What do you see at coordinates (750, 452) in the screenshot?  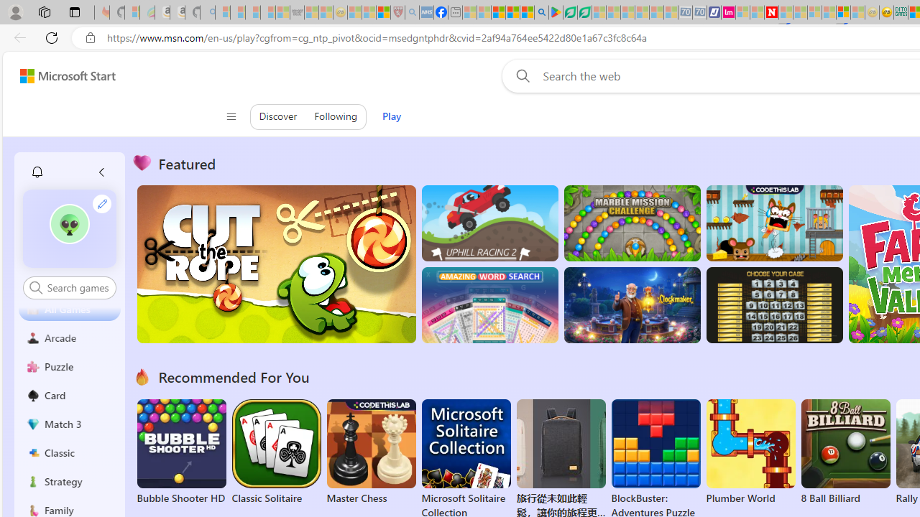 I see `'Plumber World'` at bounding box center [750, 452].